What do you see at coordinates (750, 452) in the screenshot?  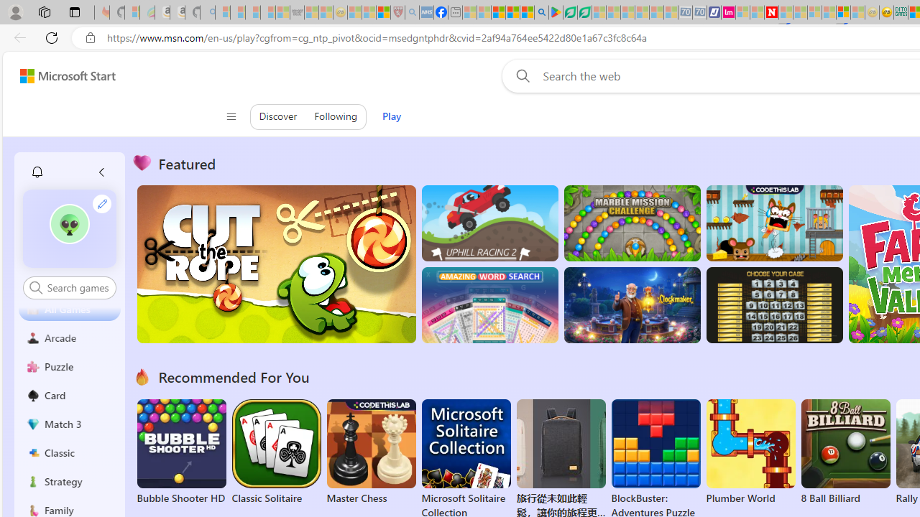 I see `'Plumber World'` at bounding box center [750, 452].